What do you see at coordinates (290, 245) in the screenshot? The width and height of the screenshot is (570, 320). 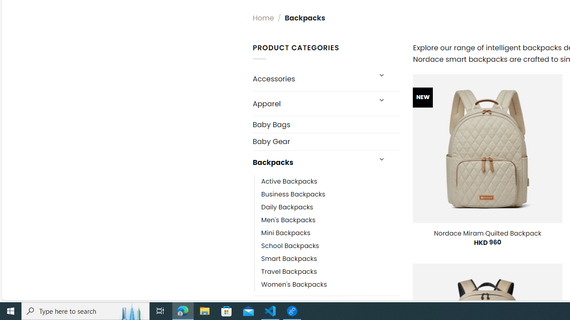 I see `'School Backpacks'` at bounding box center [290, 245].